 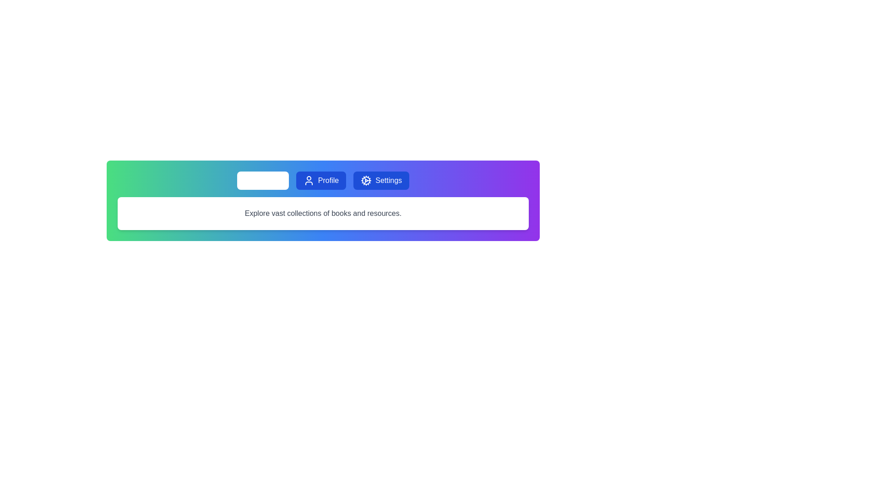 What do you see at coordinates (321, 180) in the screenshot?
I see `the tab labeled Profile to switch to the corresponding section` at bounding box center [321, 180].